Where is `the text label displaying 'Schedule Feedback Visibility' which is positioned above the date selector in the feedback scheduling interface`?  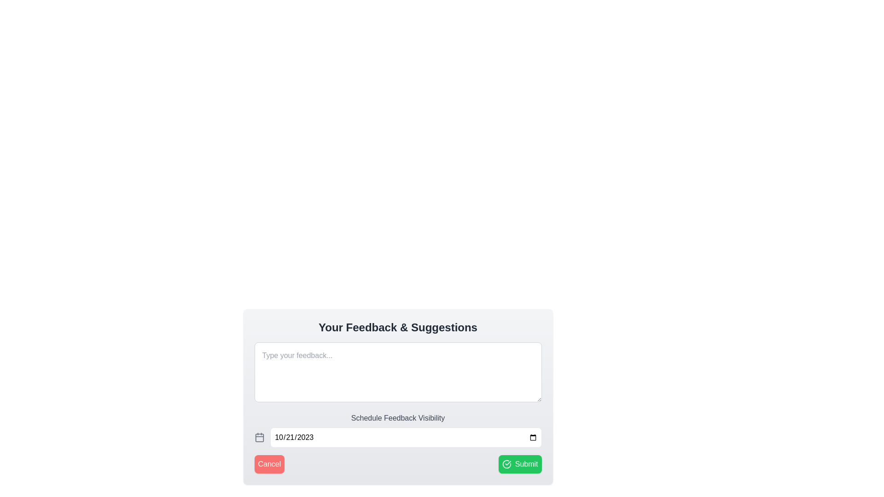 the text label displaying 'Schedule Feedback Visibility' which is positioned above the date selector in the feedback scheduling interface is located at coordinates (398, 418).